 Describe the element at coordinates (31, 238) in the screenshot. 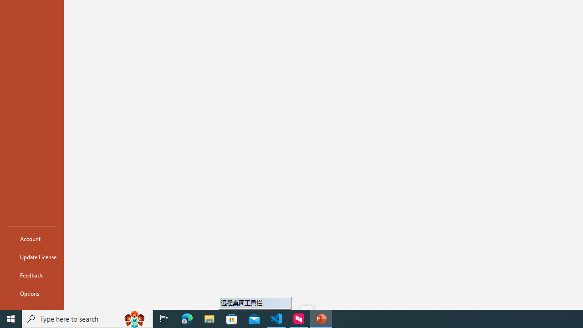

I see `'Account'` at that location.